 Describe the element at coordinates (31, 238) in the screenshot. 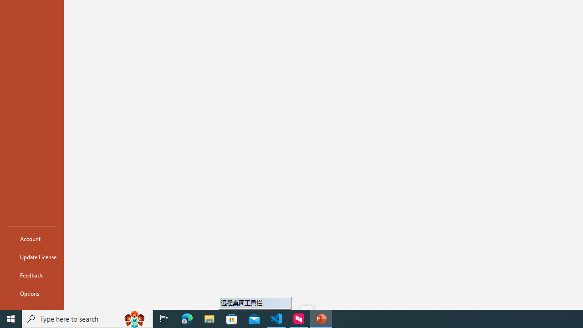

I see `'Account'` at that location.